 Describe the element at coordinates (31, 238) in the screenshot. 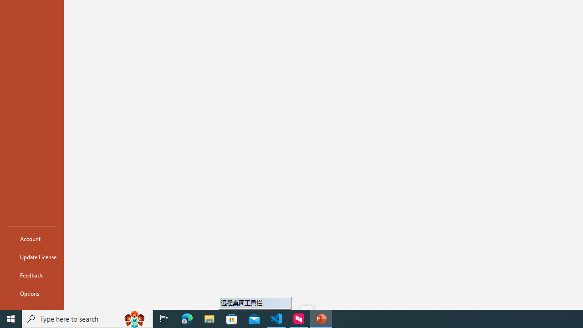

I see `'Account'` at that location.